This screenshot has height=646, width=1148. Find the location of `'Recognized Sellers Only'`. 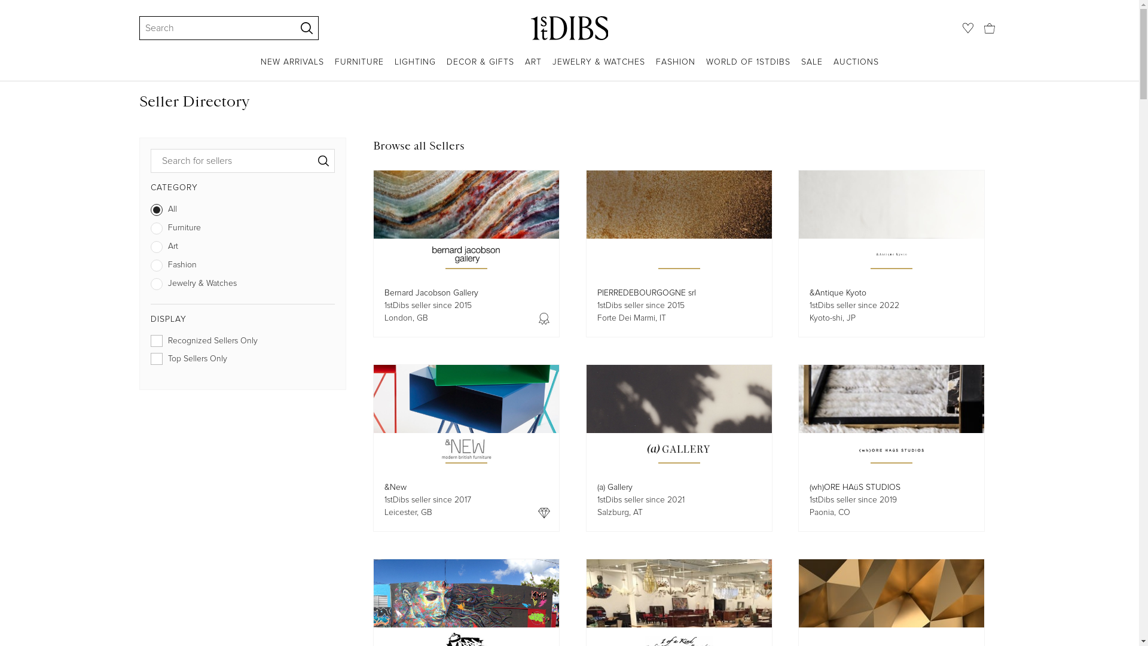

'Recognized Sellers Only' is located at coordinates (242, 343).